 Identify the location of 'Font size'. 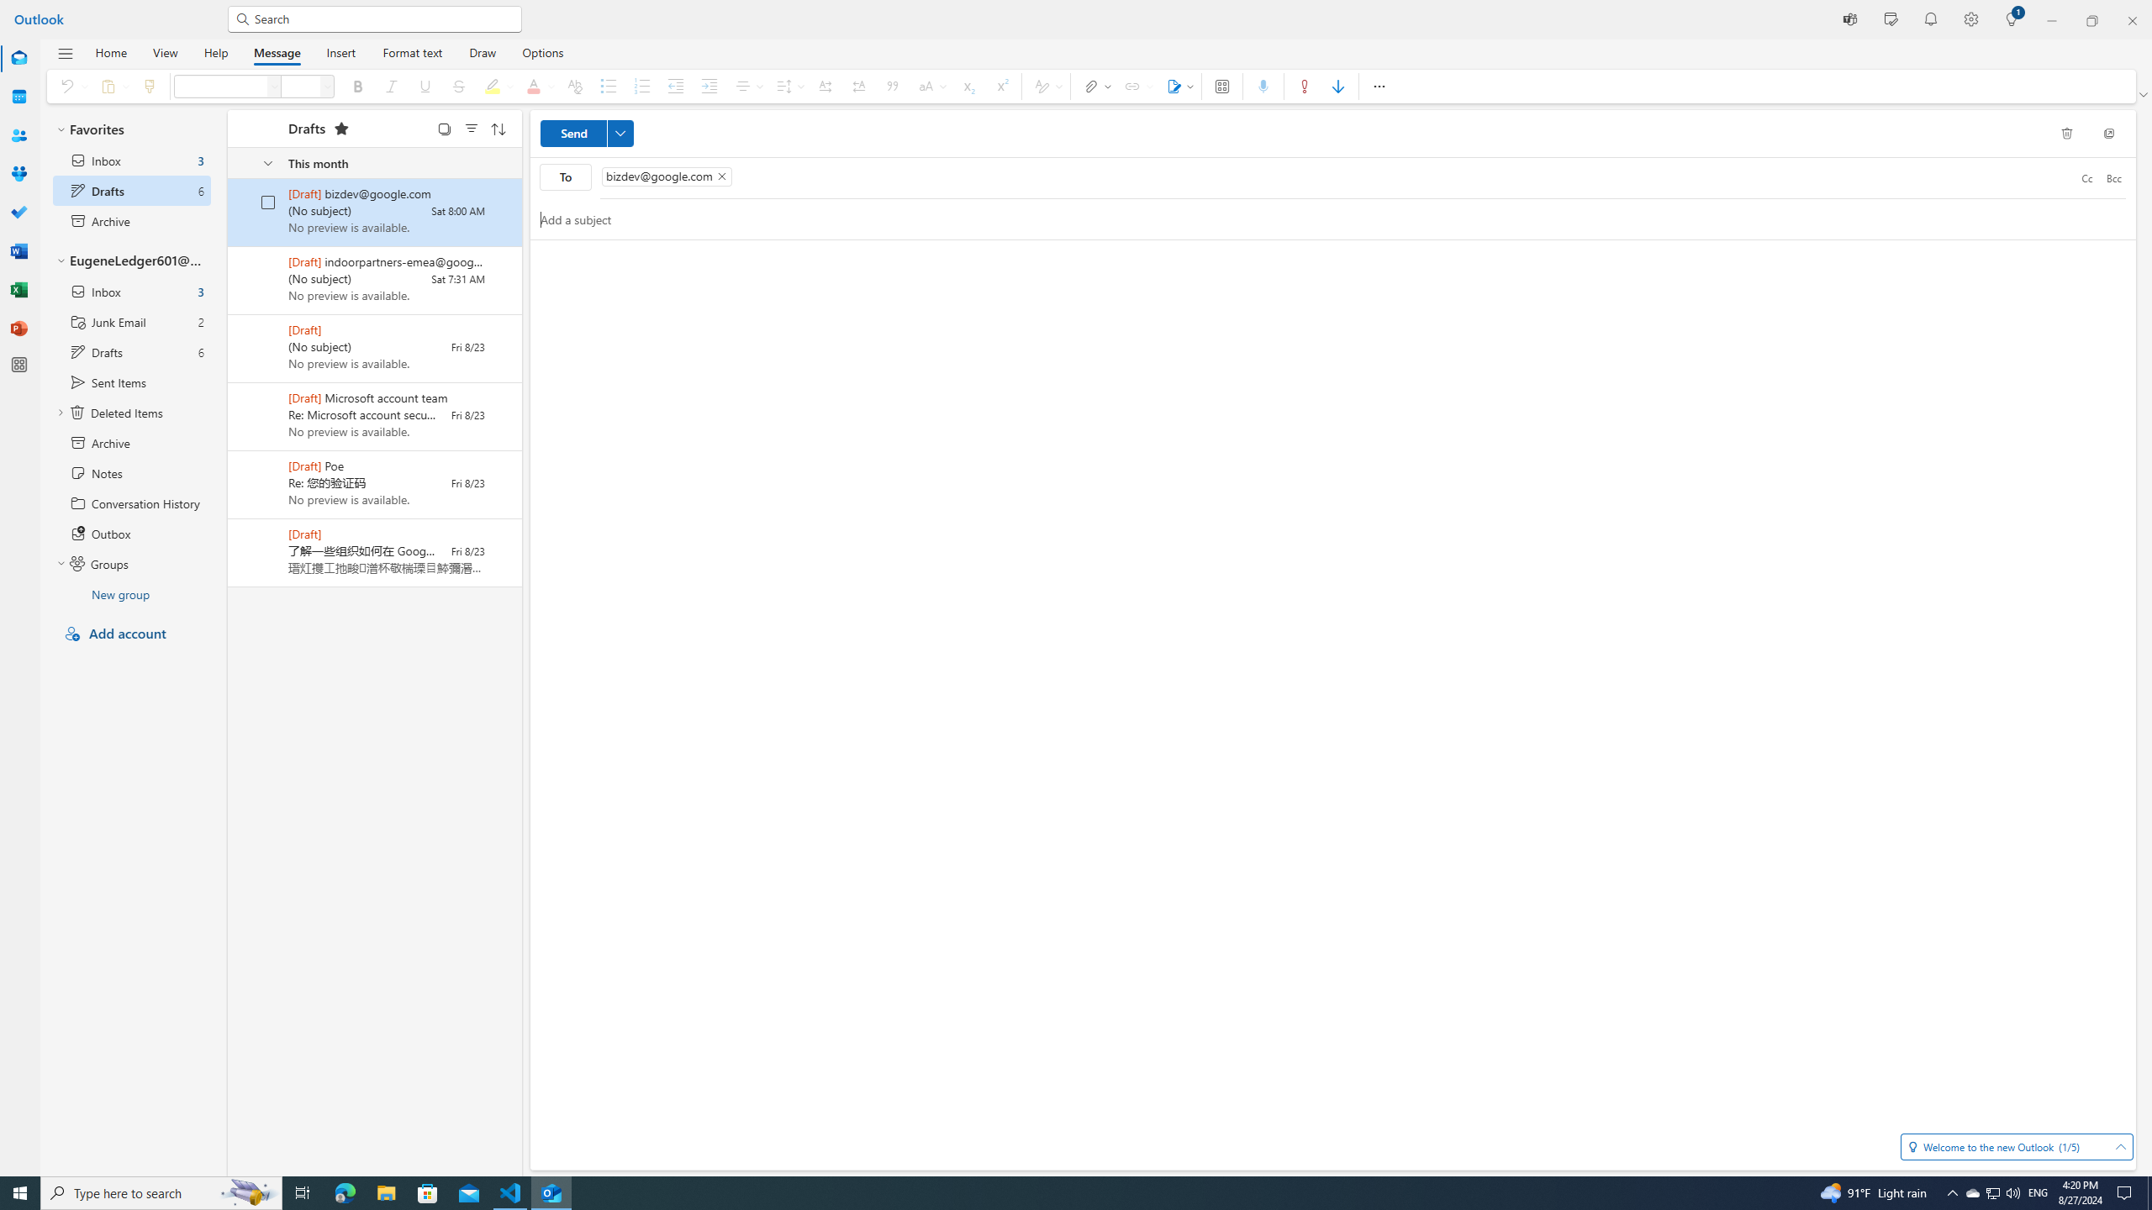
(326, 86).